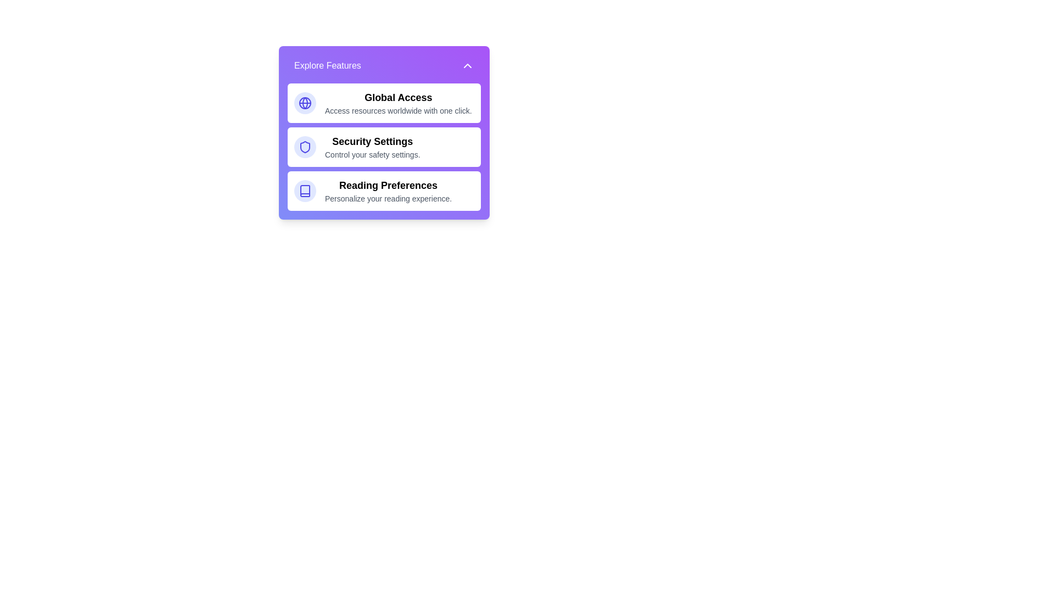 The width and height of the screenshot is (1054, 593). What do you see at coordinates (467, 65) in the screenshot?
I see `the Chevron-Up icon located at the top-right corner of the 'Explore Features' section` at bounding box center [467, 65].